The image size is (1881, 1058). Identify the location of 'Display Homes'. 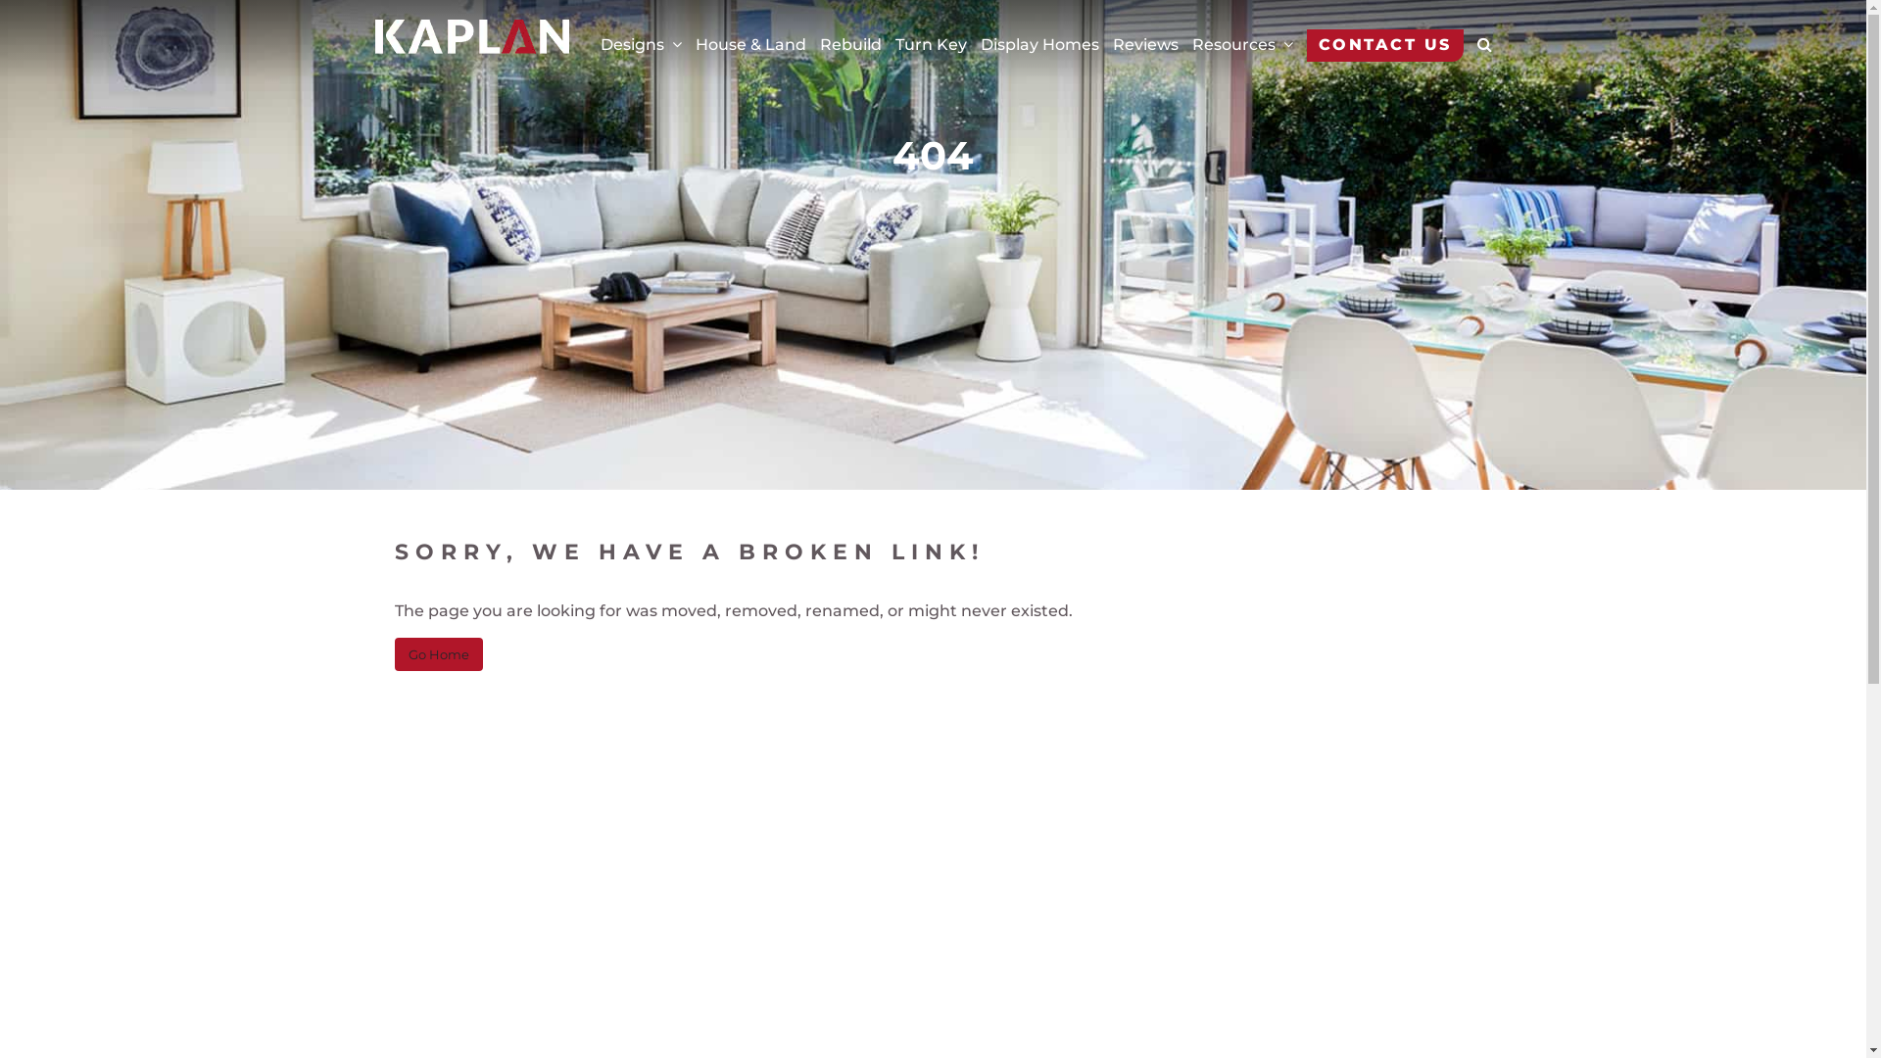
(1037, 44).